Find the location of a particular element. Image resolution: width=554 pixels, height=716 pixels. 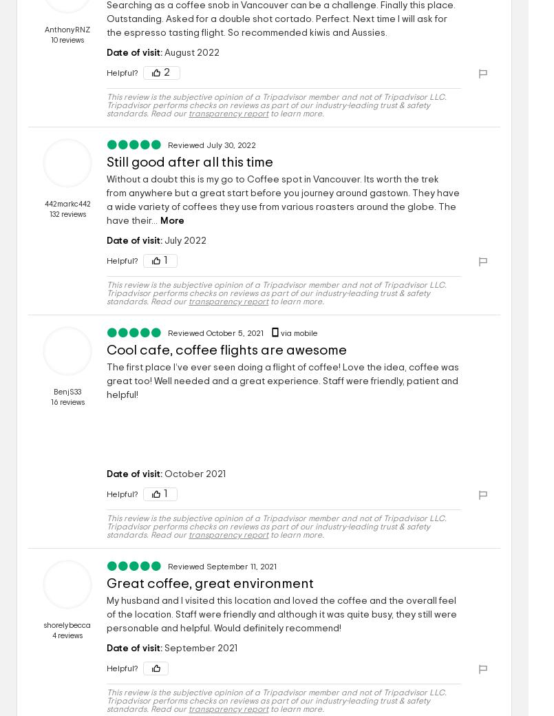

'Reviewed October 5, 2021' is located at coordinates (215, 333).